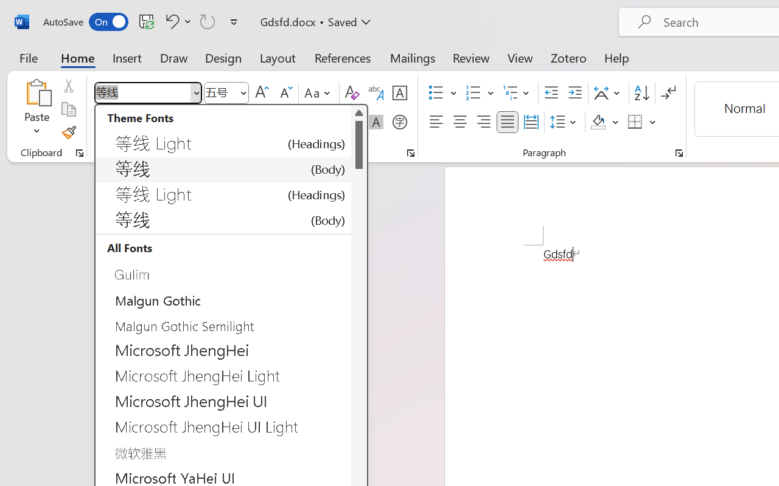 Image resolution: width=779 pixels, height=486 pixels. Describe the element at coordinates (376, 122) in the screenshot. I see `'Character Shading'` at that location.